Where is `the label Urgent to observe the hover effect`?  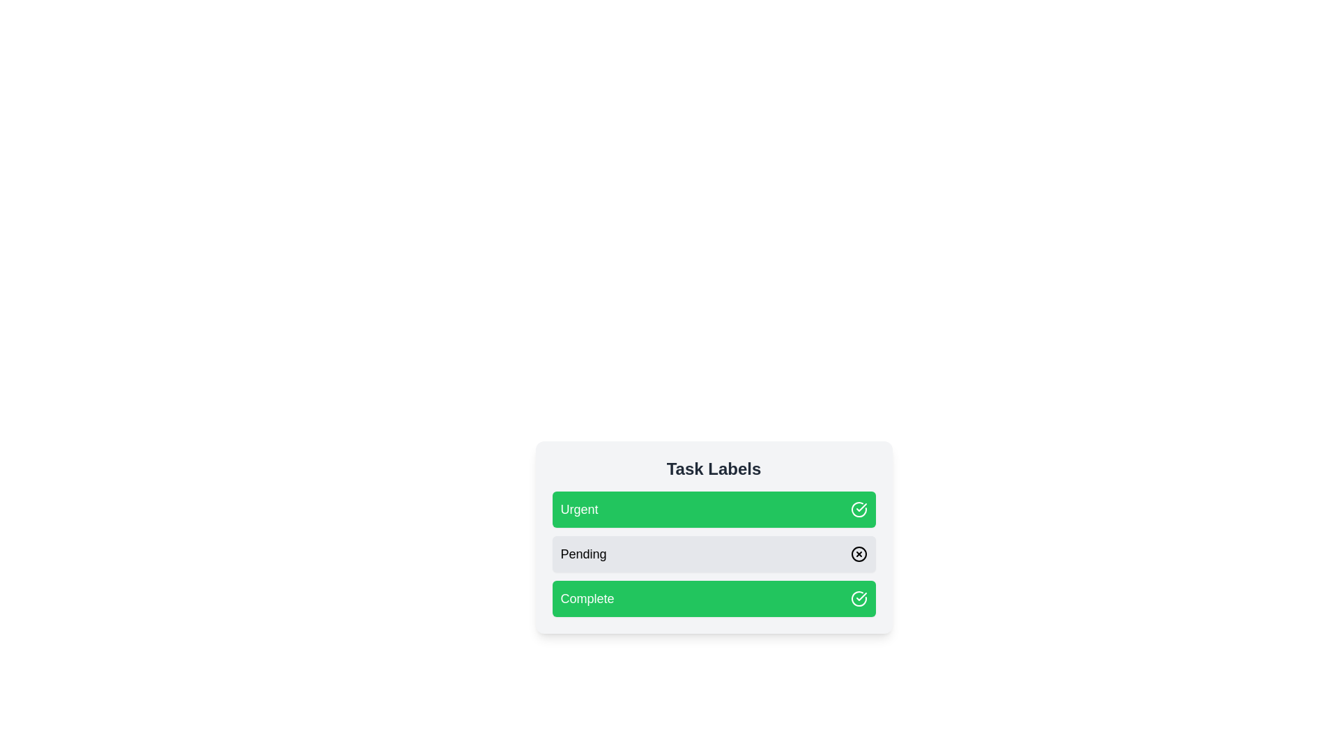 the label Urgent to observe the hover effect is located at coordinates (714, 510).